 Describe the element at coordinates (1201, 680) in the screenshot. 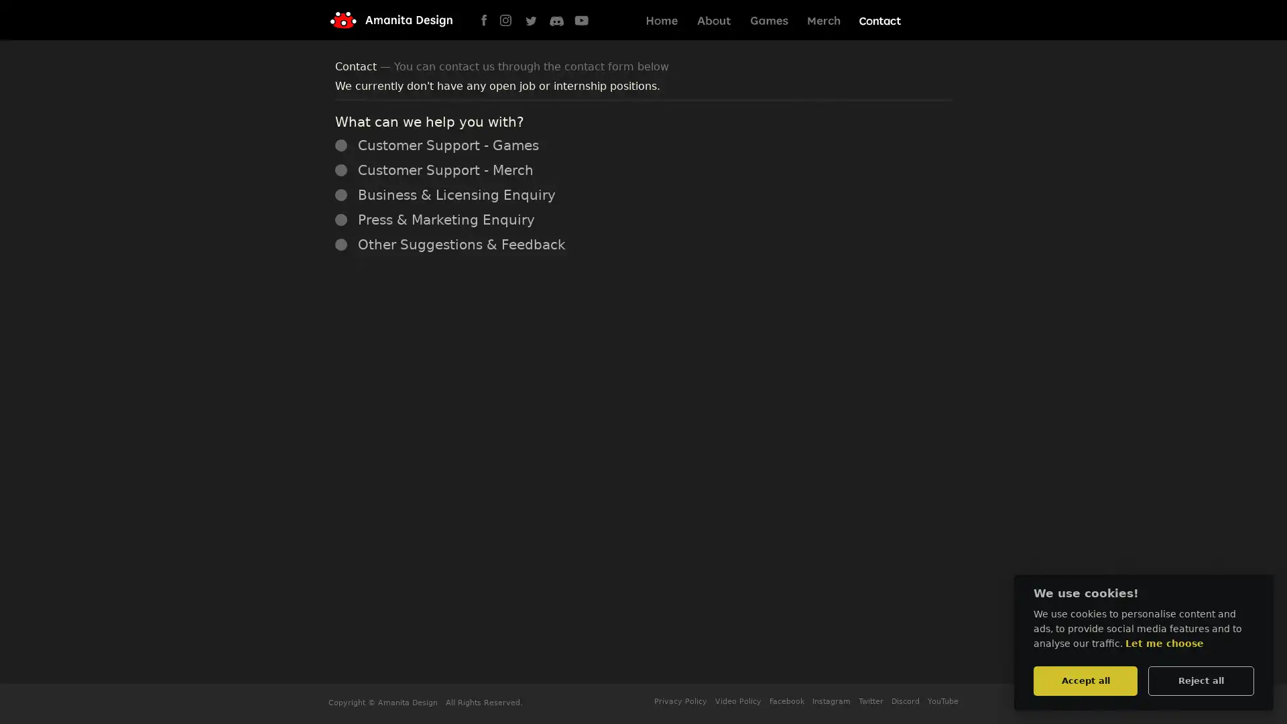

I see `Reject all` at that location.